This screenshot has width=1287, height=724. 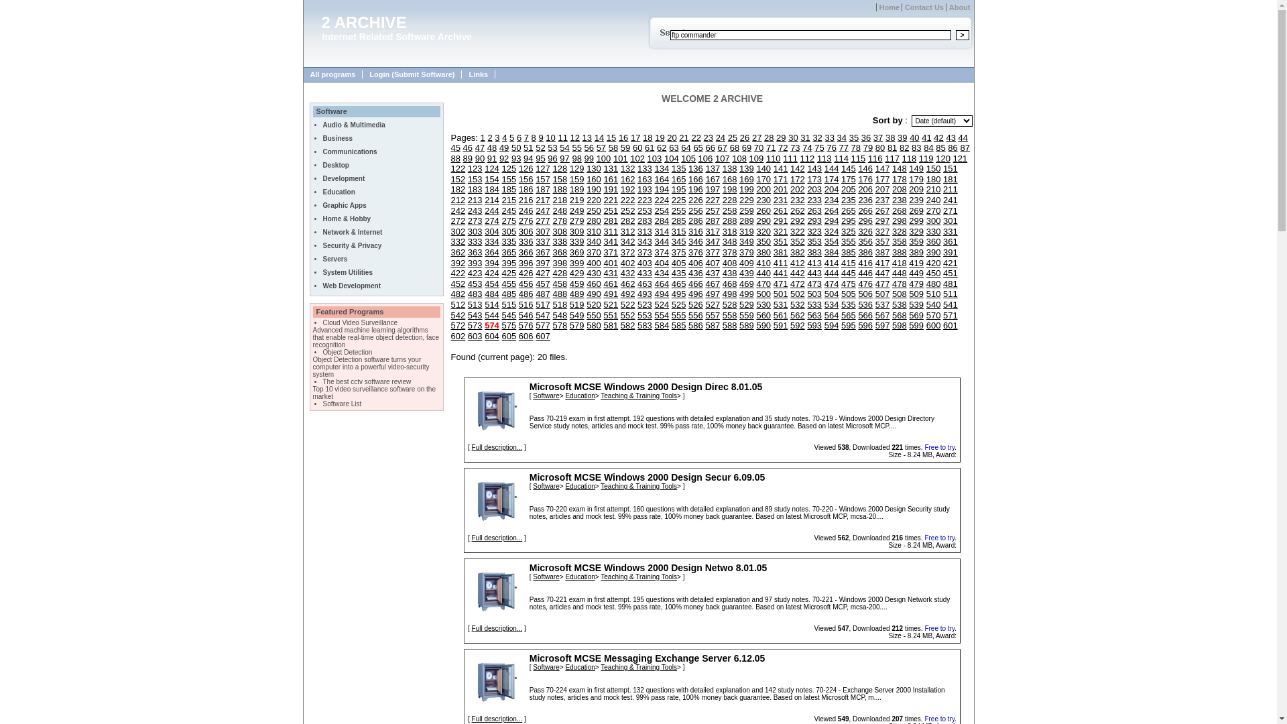 What do you see at coordinates (644, 200) in the screenshot?
I see `'223'` at bounding box center [644, 200].